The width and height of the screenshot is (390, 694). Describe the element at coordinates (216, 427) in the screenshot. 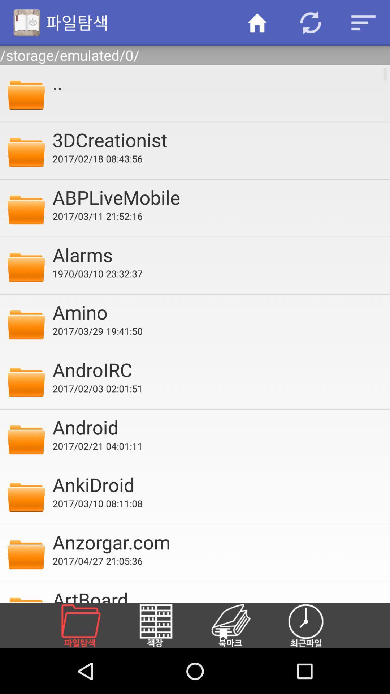

I see `the android item` at that location.